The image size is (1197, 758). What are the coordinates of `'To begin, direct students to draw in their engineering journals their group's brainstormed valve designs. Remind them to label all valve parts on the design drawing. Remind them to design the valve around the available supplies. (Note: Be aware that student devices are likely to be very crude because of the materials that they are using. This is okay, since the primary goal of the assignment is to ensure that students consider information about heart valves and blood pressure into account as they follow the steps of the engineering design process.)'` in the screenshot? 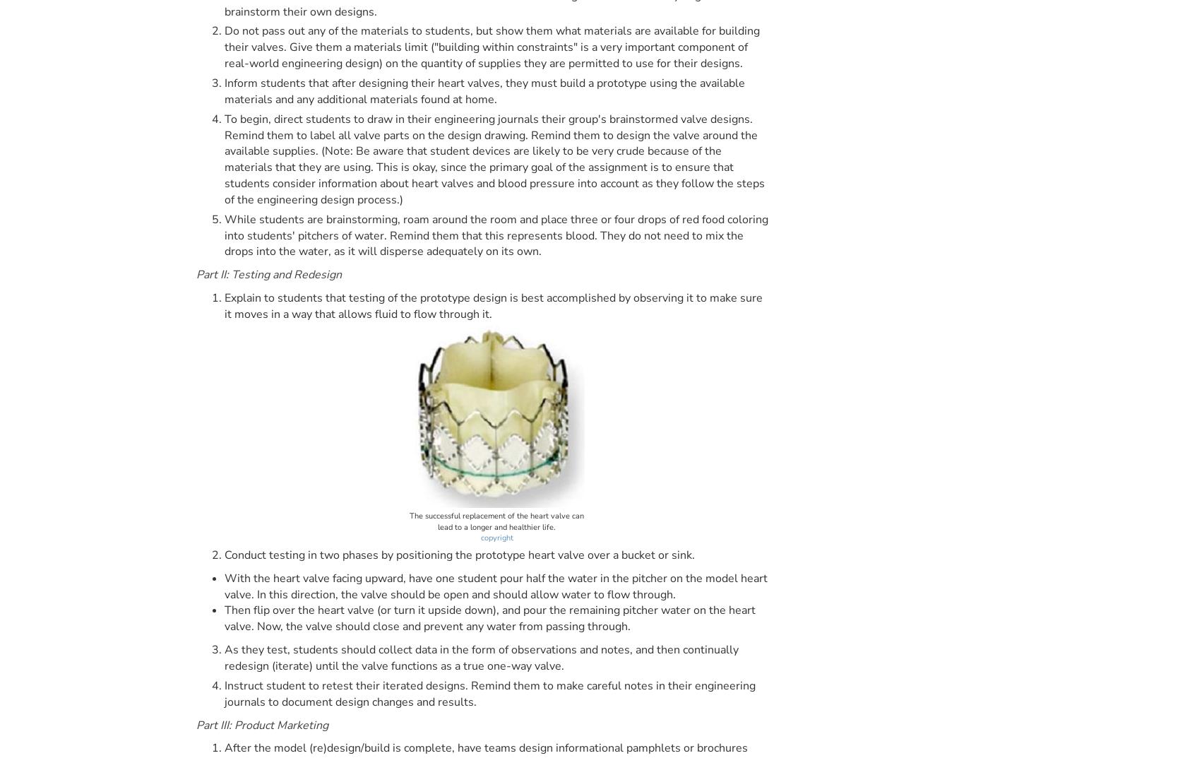 It's located at (494, 159).